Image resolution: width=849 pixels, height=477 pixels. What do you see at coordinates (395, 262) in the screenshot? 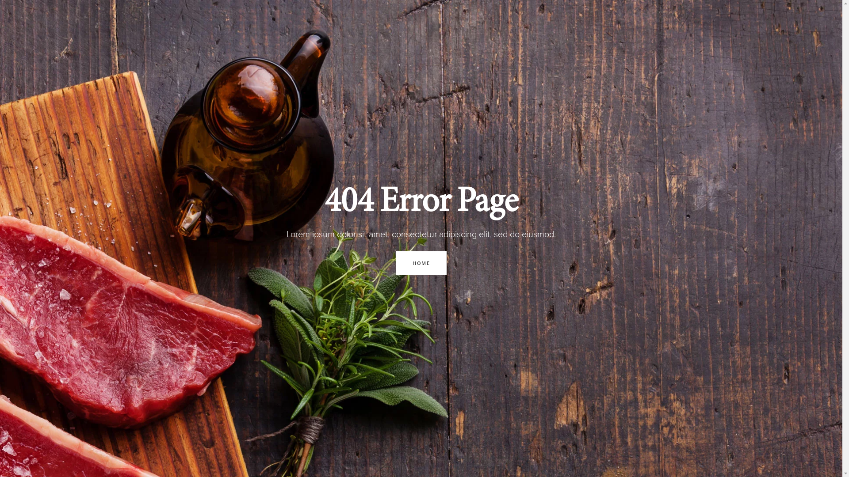
I see `'HOME'` at bounding box center [395, 262].